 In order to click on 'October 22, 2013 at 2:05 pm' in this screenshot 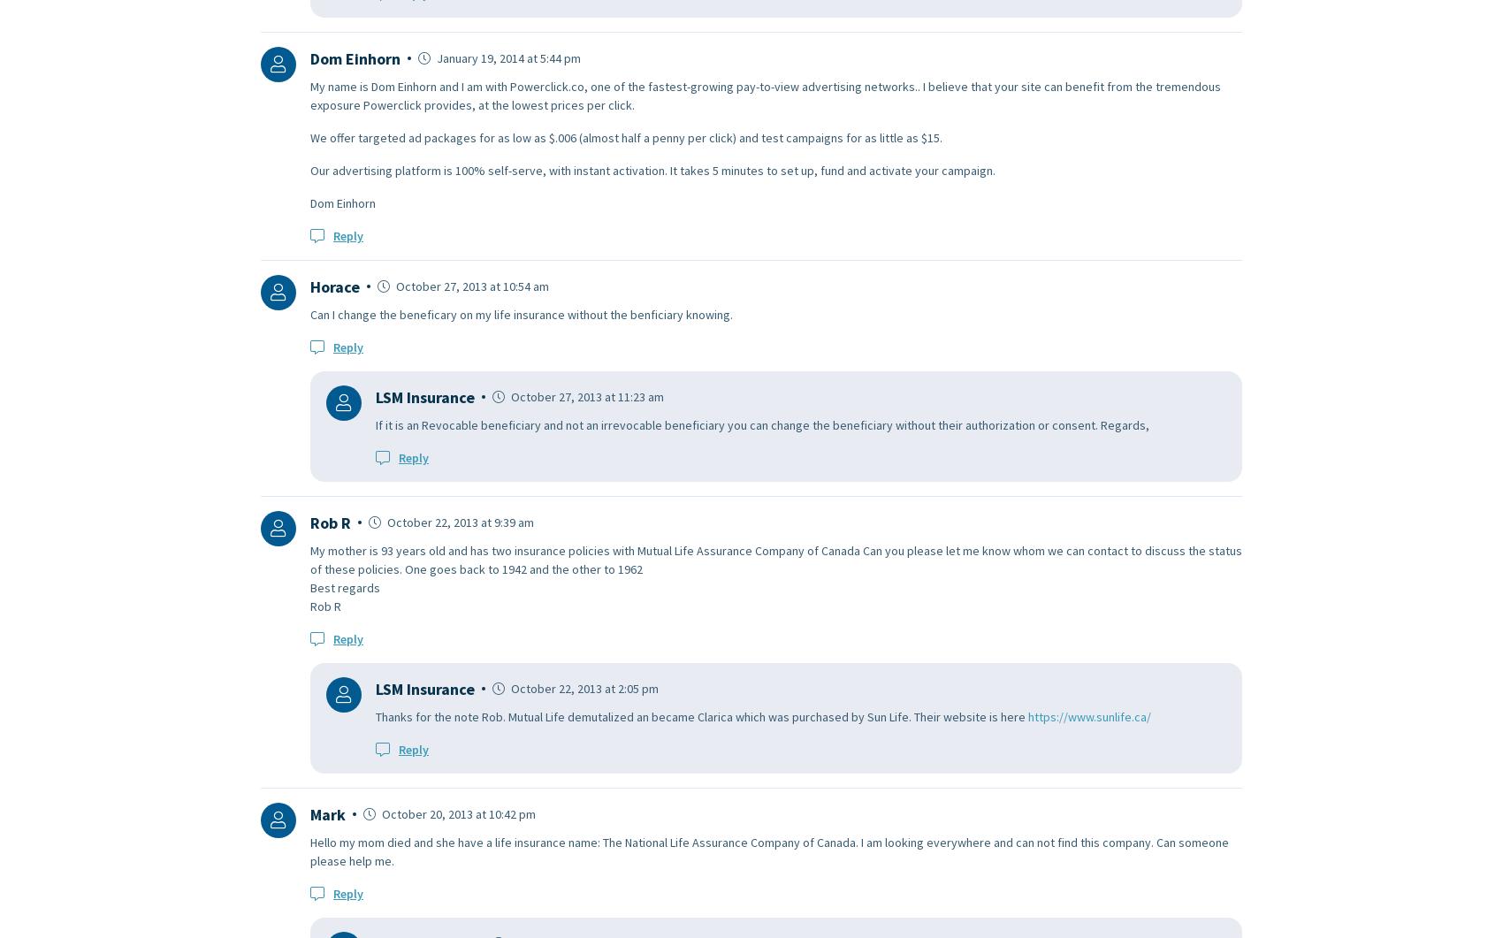, I will do `click(507, 688)`.